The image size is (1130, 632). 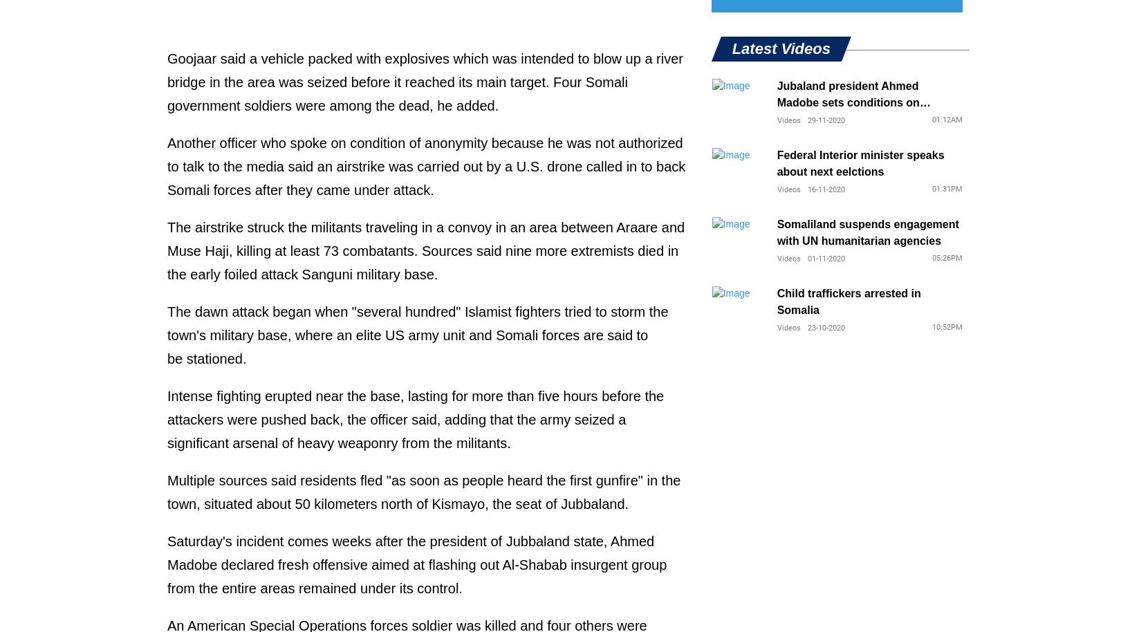 I want to click on '01-11-2020', so click(x=806, y=259).